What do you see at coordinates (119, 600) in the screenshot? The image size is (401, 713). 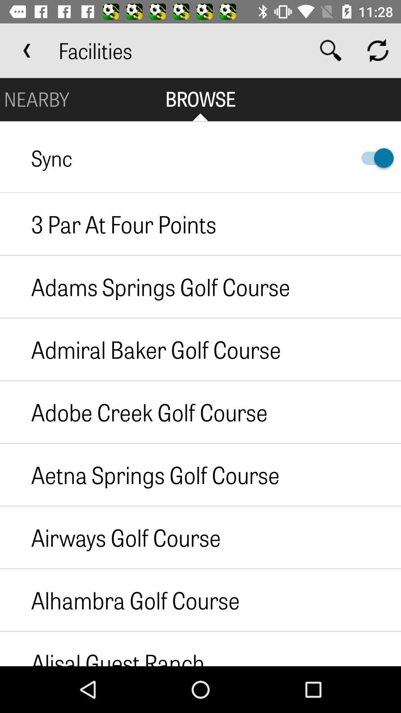 I see `item above the alisal guest ranch icon` at bounding box center [119, 600].